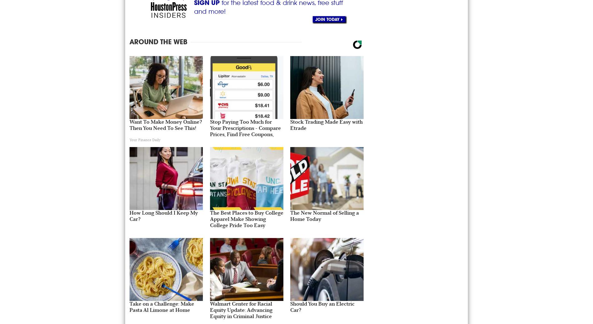 The height and width of the screenshot is (324, 593). What do you see at coordinates (315, 19) in the screenshot?
I see `'Join Today'` at bounding box center [315, 19].